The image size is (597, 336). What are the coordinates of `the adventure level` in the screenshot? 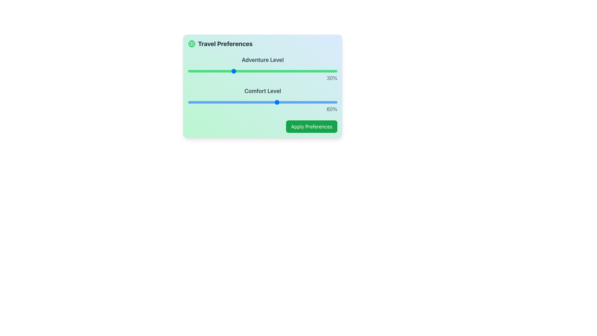 It's located at (231, 71).